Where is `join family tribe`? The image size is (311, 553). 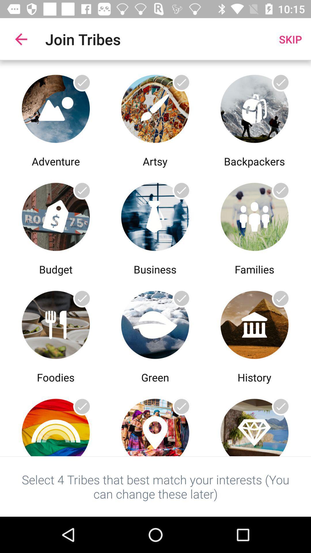 join family tribe is located at coordinates (254, 215).